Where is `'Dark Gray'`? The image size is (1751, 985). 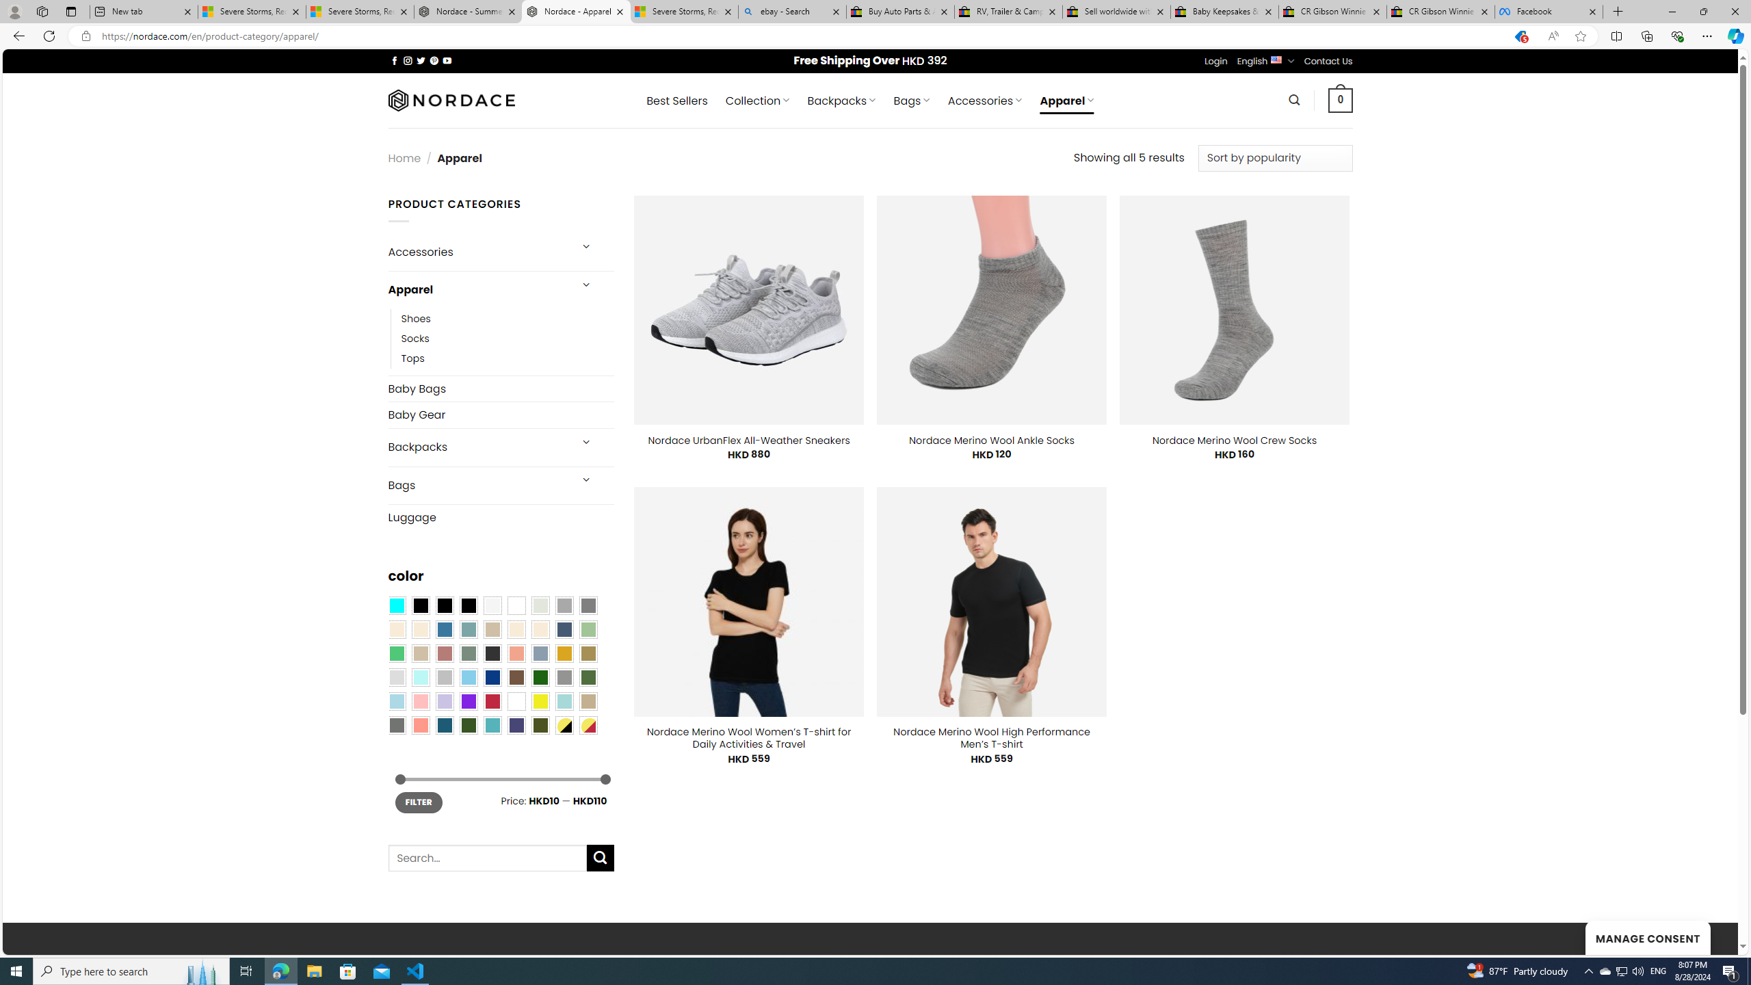
'Dark Gray' is located at coordinates (563, 605).